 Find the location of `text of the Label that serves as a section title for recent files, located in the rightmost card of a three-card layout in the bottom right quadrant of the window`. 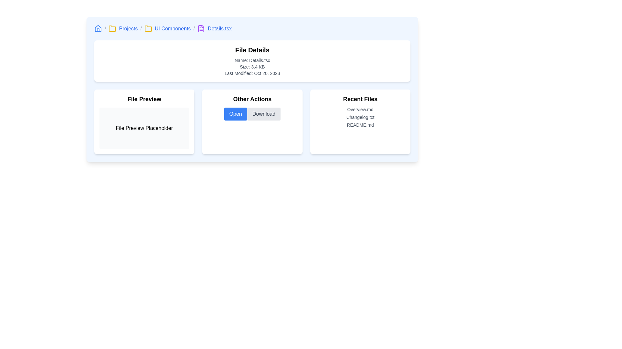

text of the Label that serves as a section title for recent files, located in the rightmost card of a three-card layout in the bottom right quadrant of the window is located at coordinates (360, 99).